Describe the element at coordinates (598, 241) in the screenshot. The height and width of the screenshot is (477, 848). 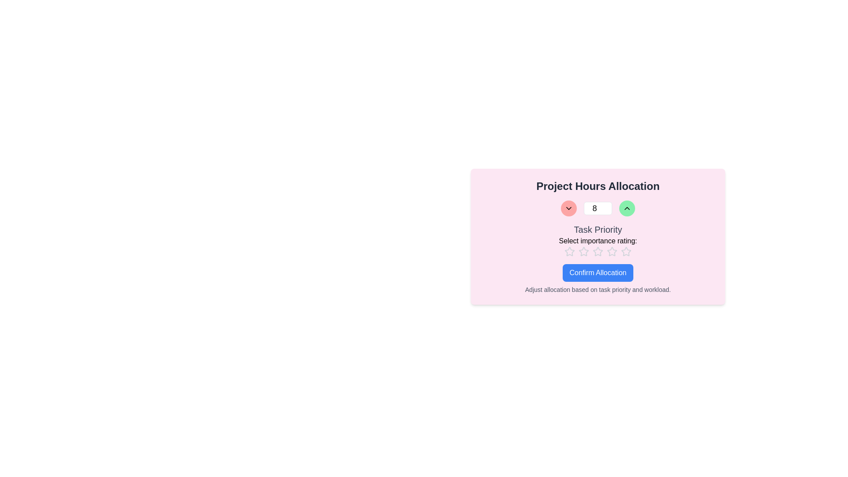
I see `the static text label that instructs the user to assign an importance rating to the associated task, located beneath the 'Task Priority' text and above the star icons` at that location.